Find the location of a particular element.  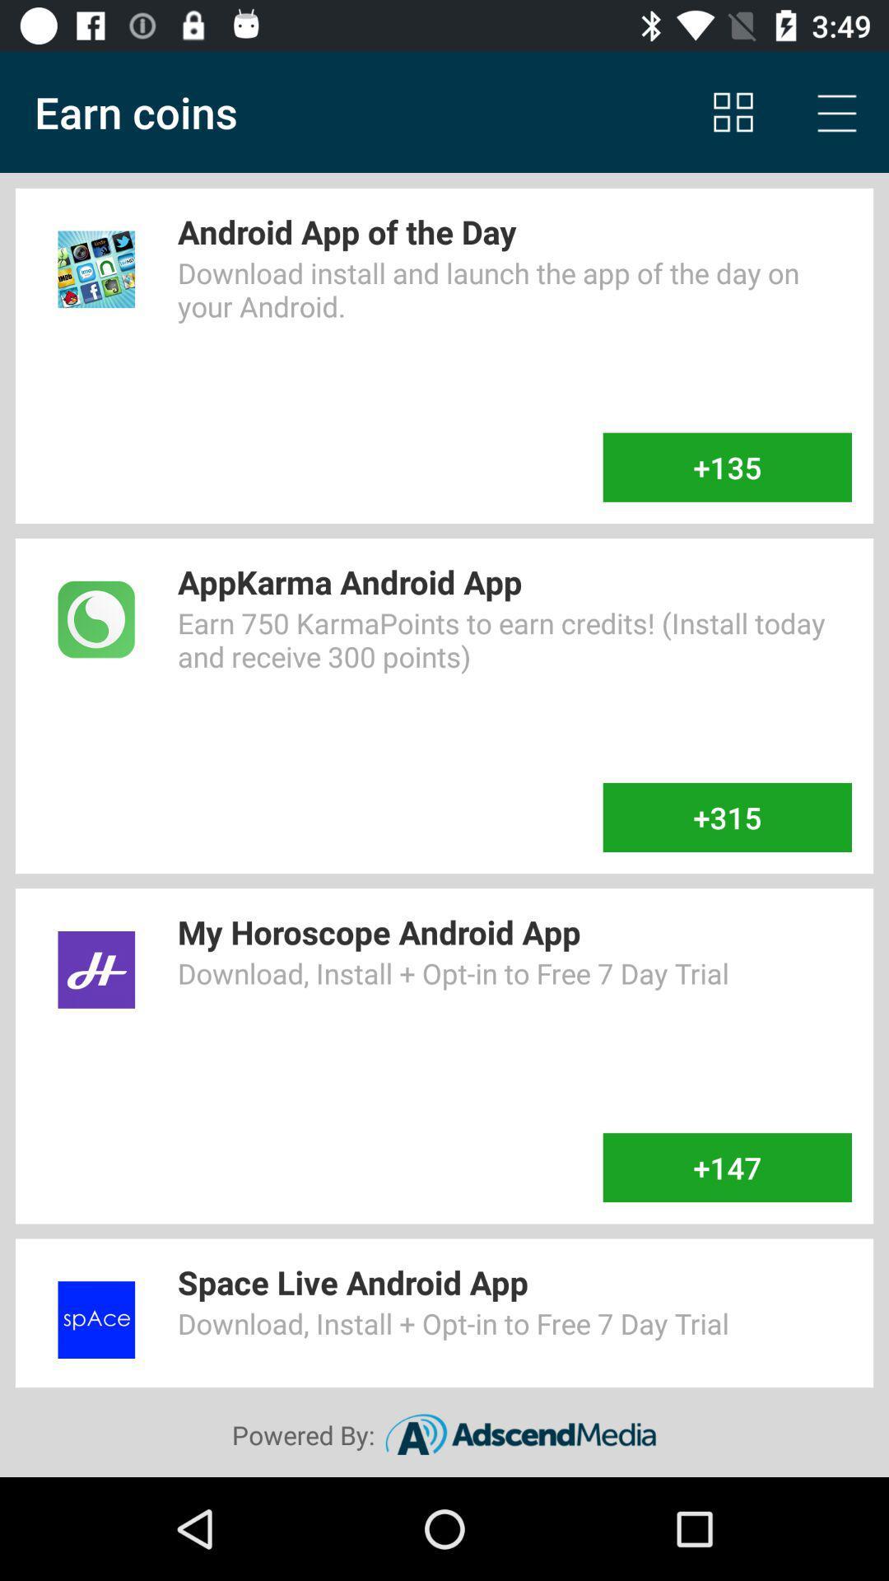

icon to the right of the earn coins icon is located at coordinates (733, 111).